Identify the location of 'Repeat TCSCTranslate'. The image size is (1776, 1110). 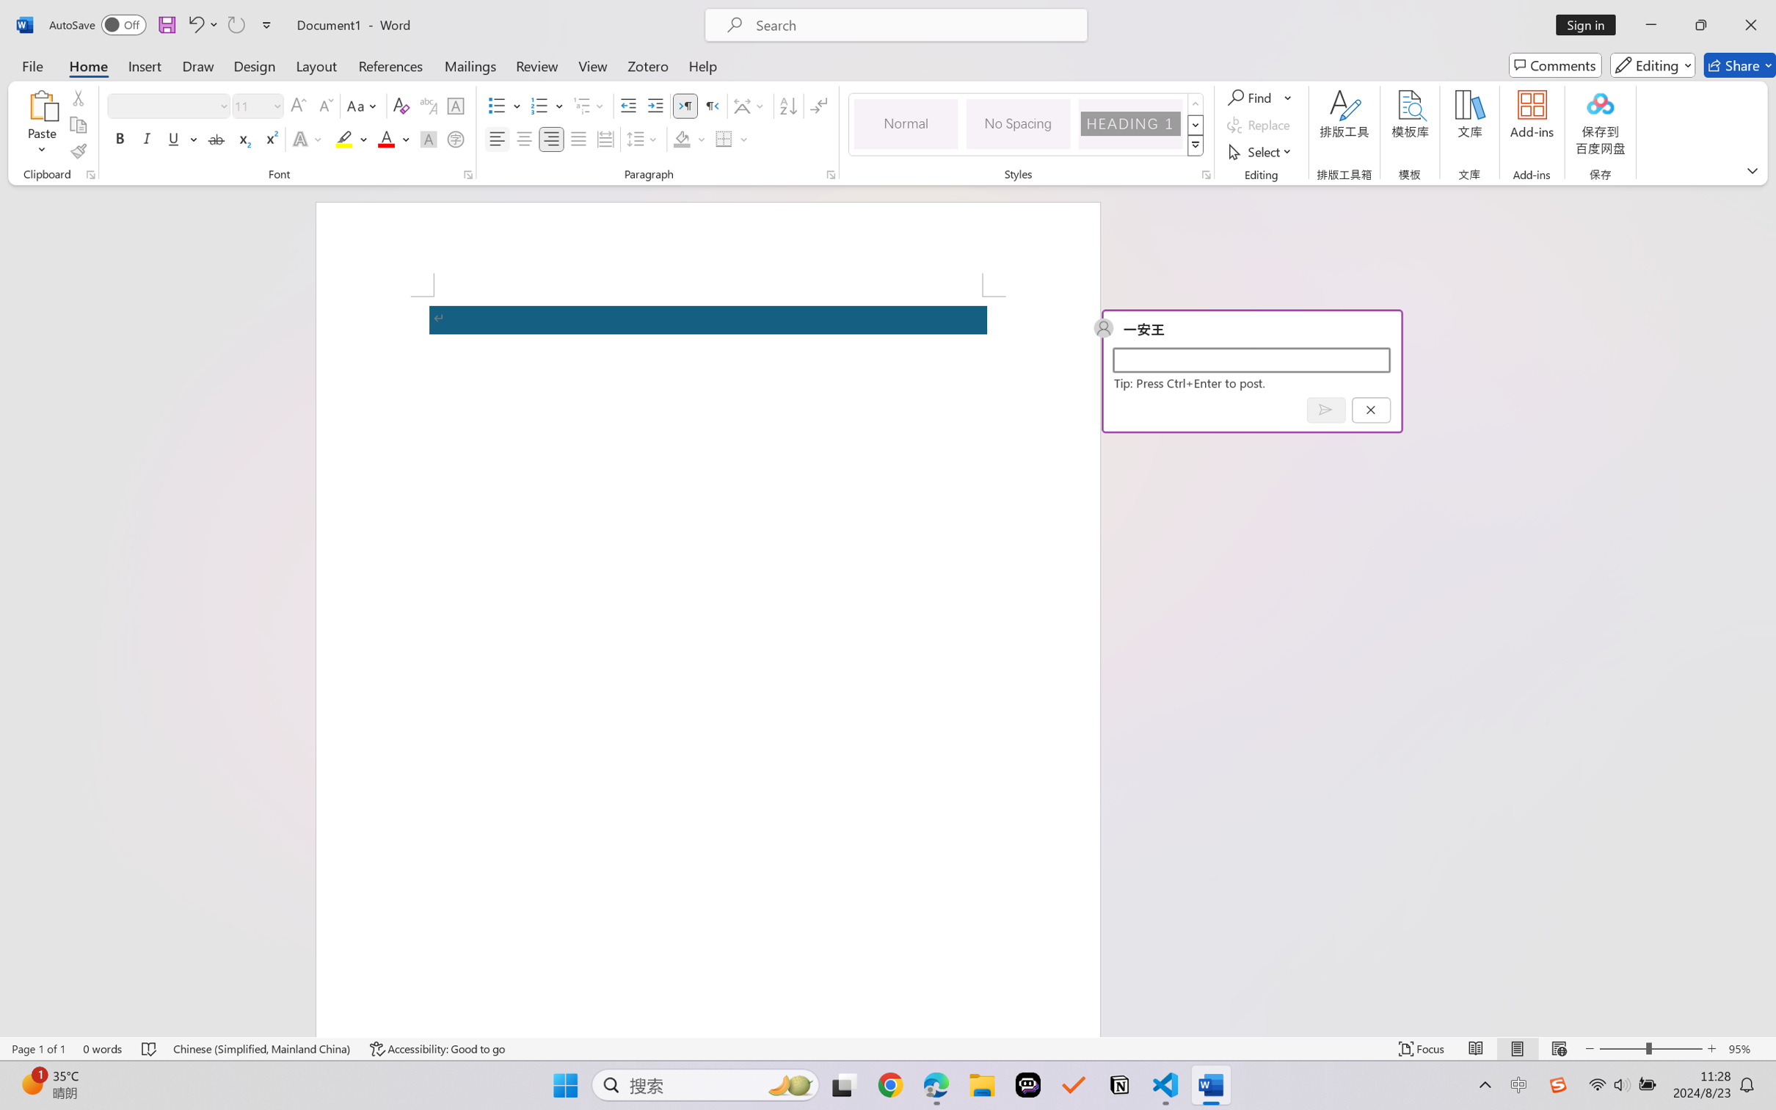
(235, 24).